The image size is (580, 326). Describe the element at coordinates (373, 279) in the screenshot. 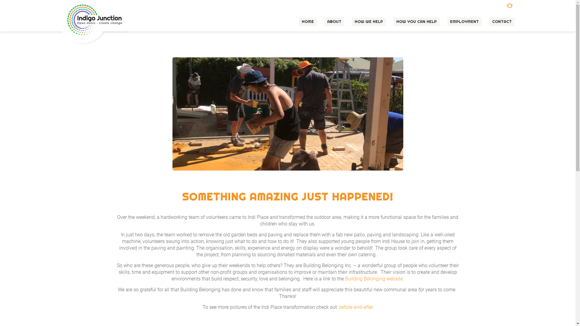

I see `'Building Belonging website'` at that location.